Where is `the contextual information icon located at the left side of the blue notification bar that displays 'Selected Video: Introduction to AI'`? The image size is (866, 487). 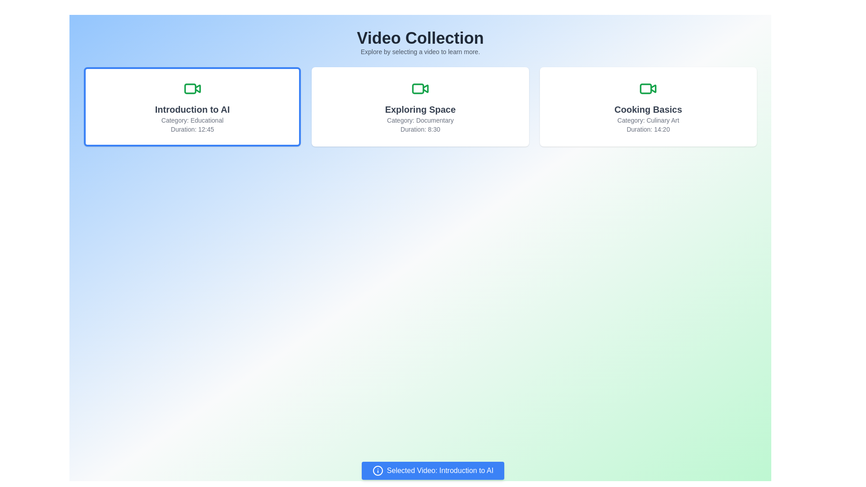 the contextual information icon located at the left side of the blue notification bar that displays 'Selected Video: Introduction to AI' is located at coordinates (378, 470).